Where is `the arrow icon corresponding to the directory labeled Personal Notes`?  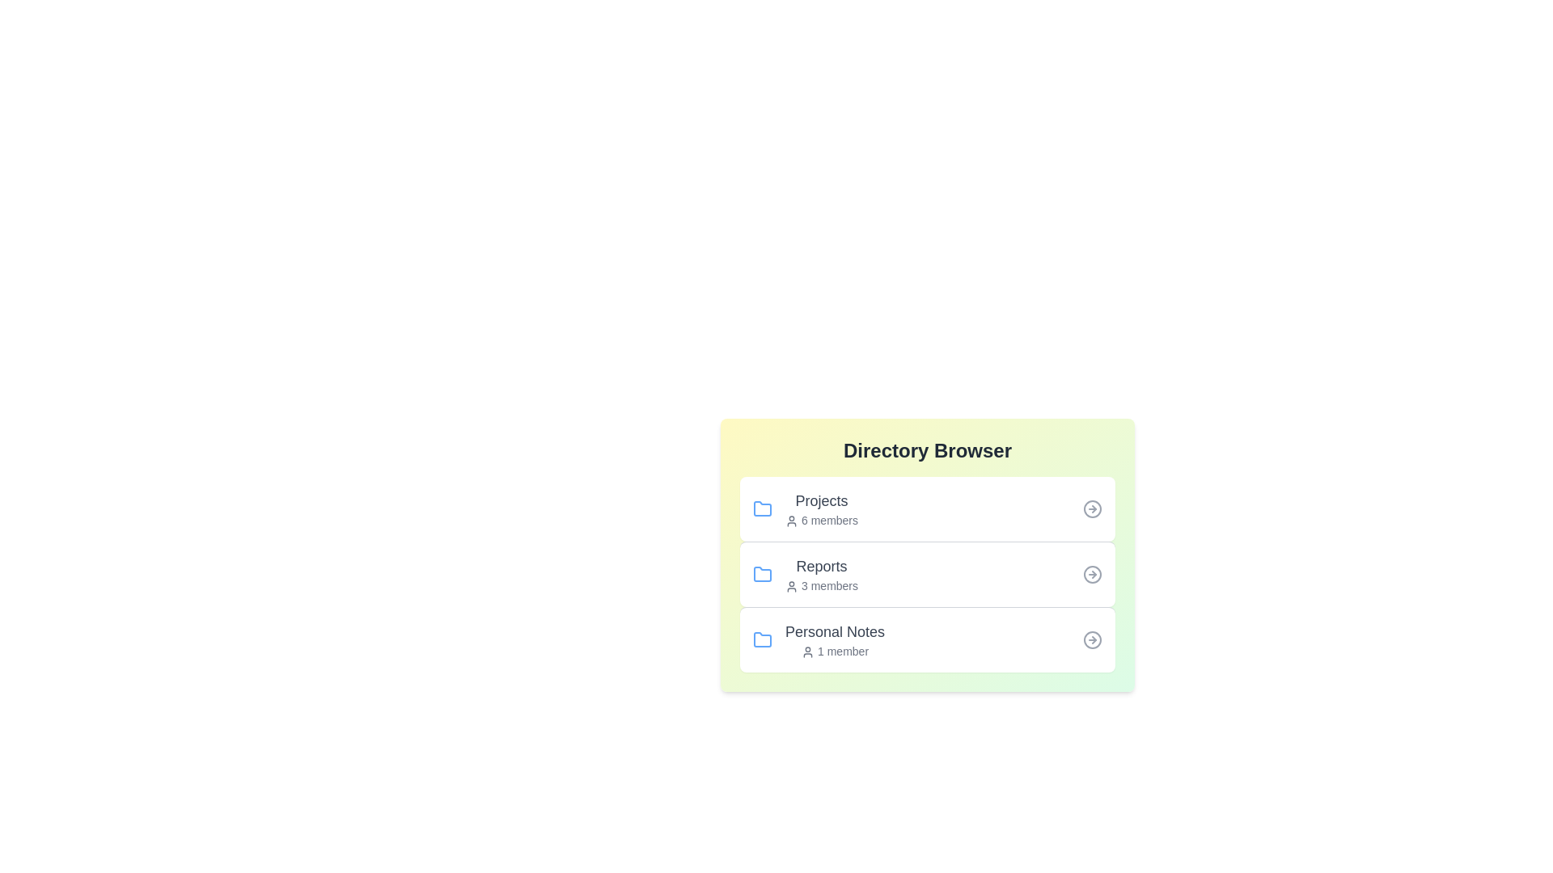
the arrow icon corresponding to the directory labeled Personal Notes is located at coordinates (1092, 639).